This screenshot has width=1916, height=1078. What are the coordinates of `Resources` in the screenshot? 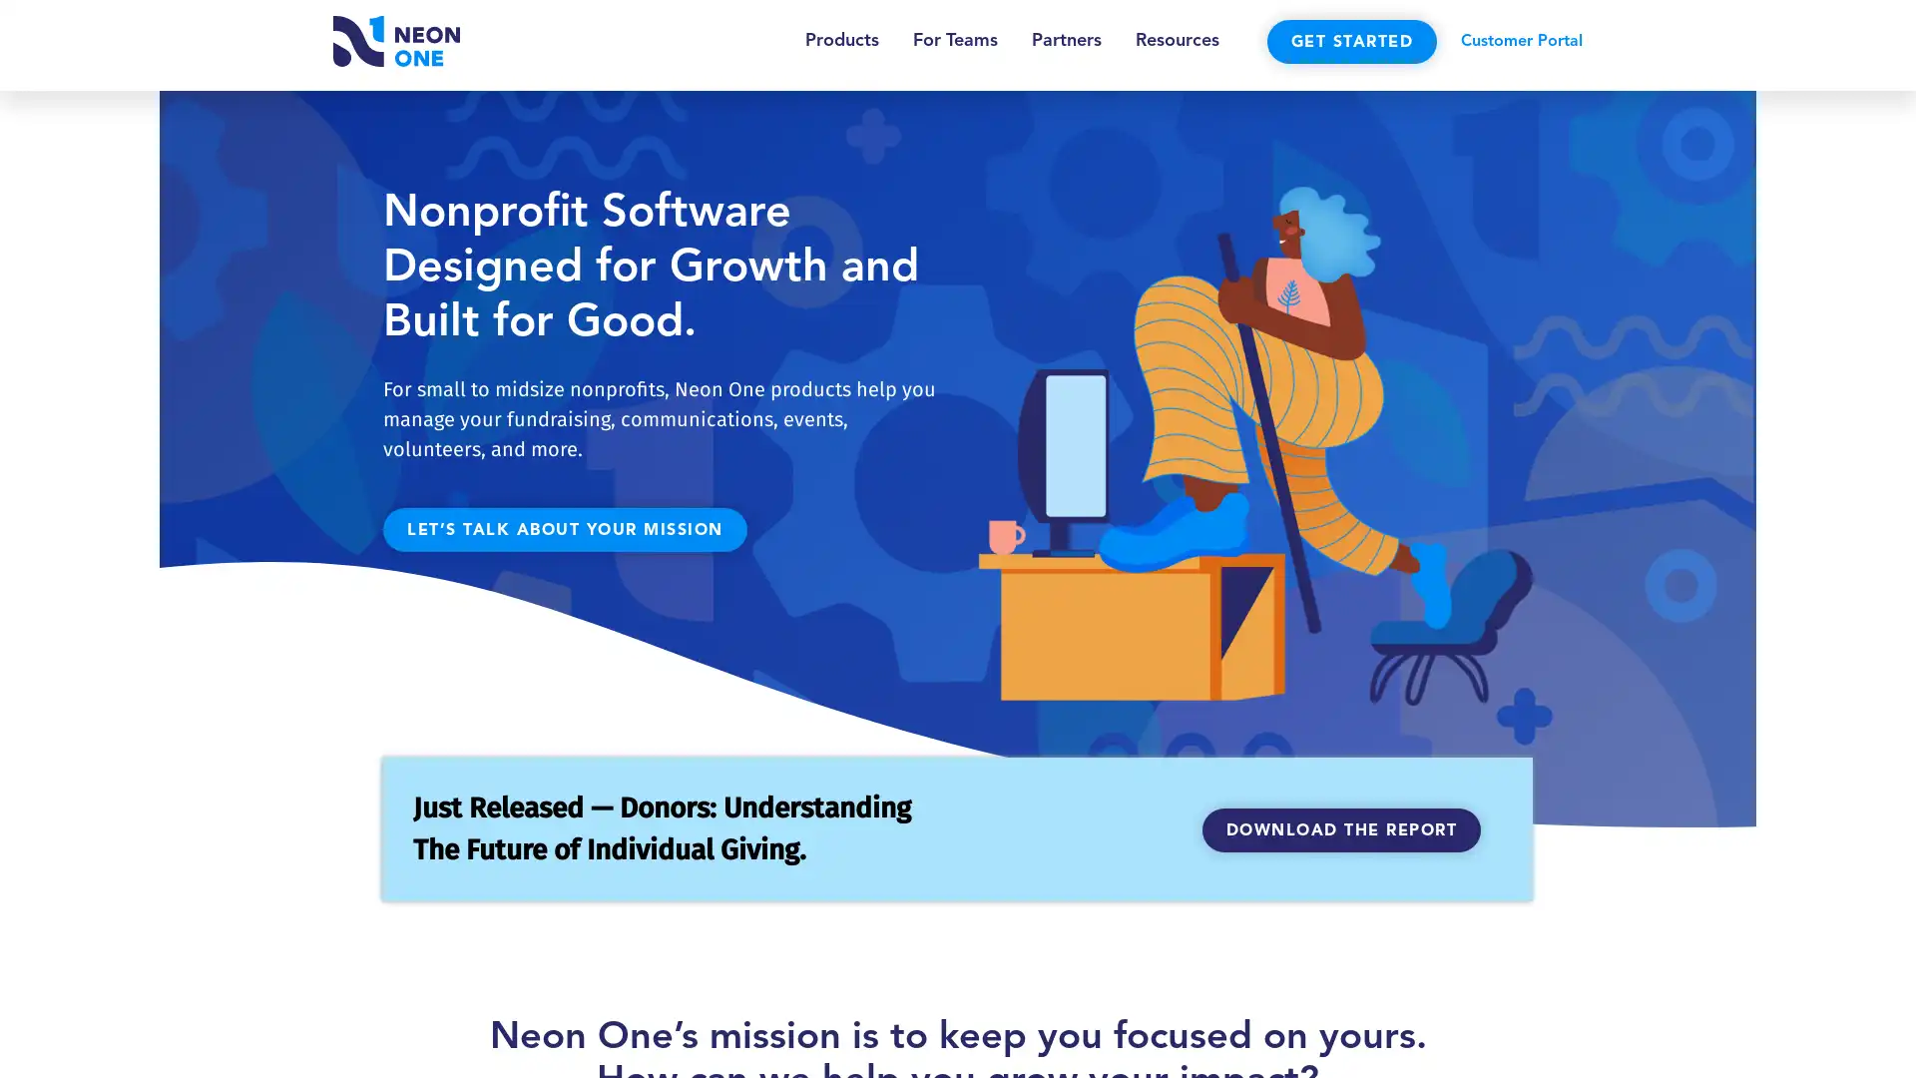 It's located at (1177, 41).